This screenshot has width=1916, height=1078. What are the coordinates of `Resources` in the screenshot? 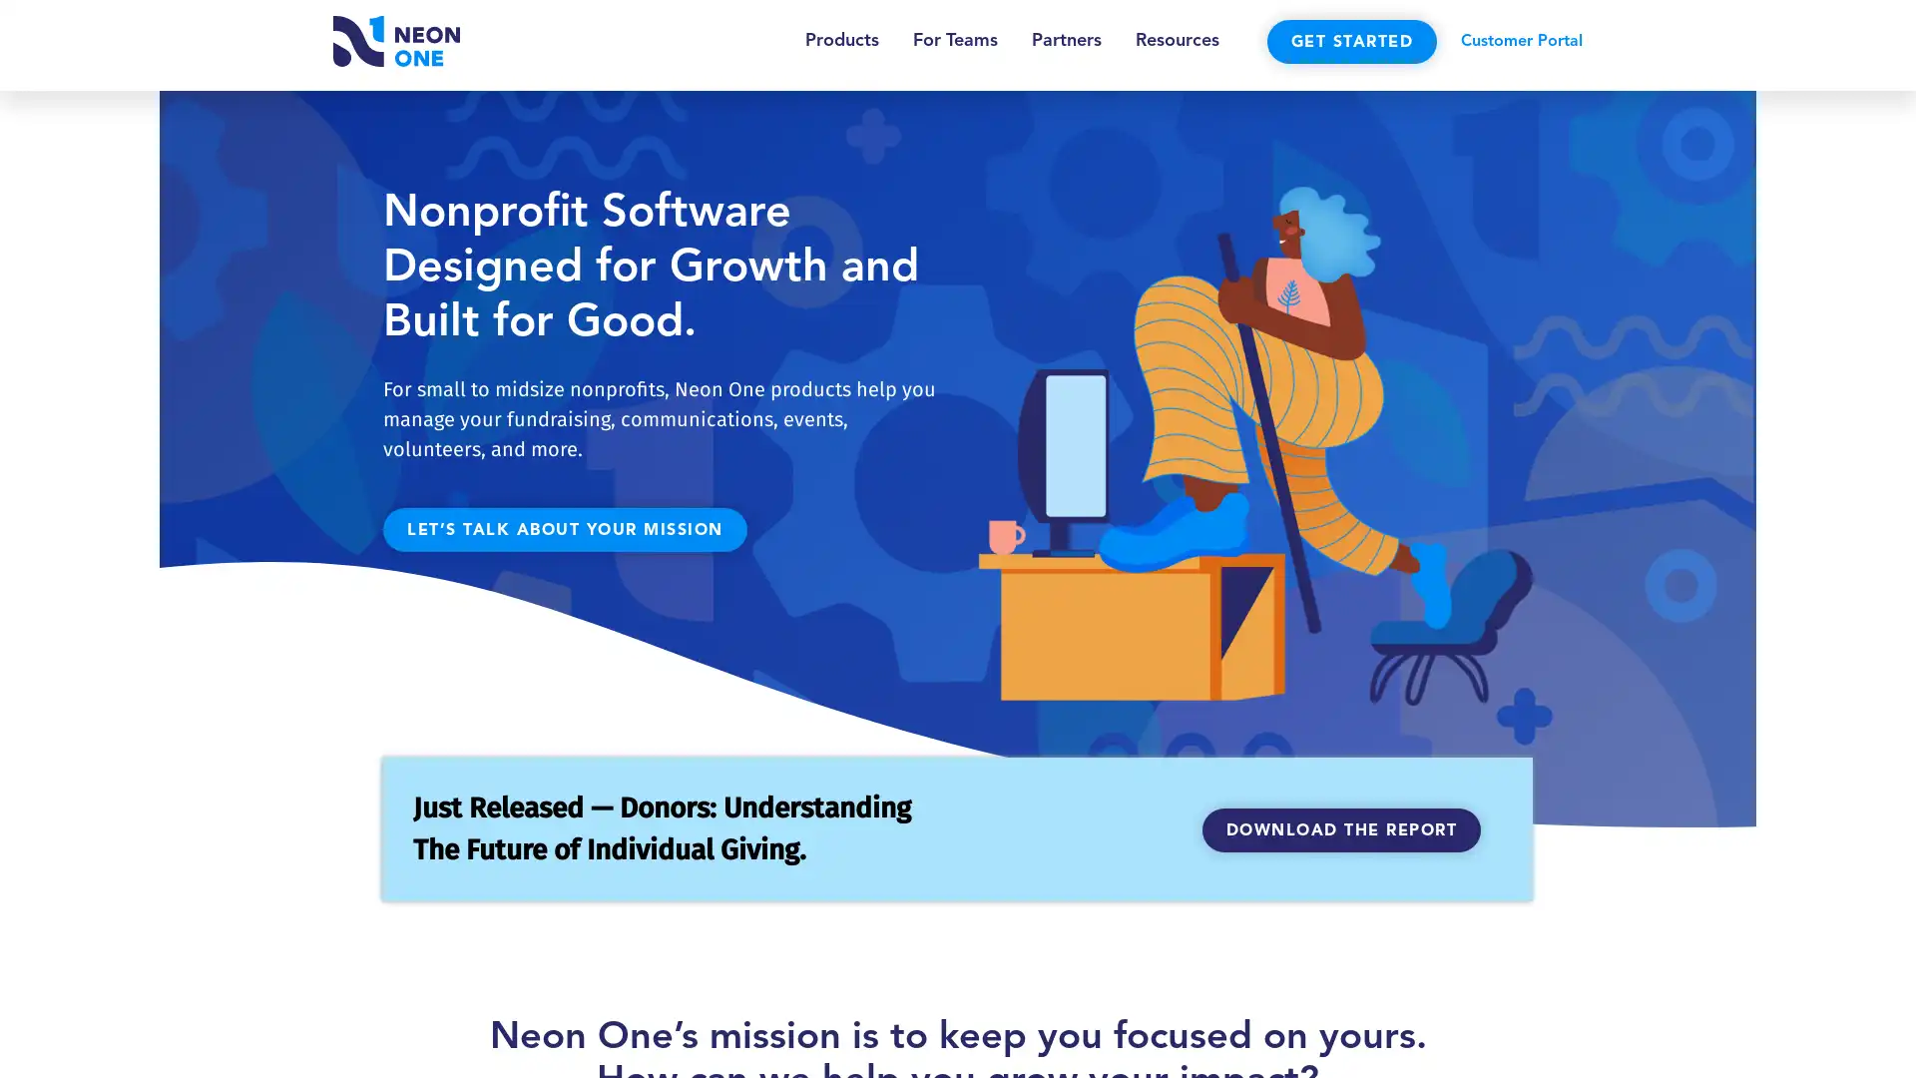 It's located at (1177, 41).